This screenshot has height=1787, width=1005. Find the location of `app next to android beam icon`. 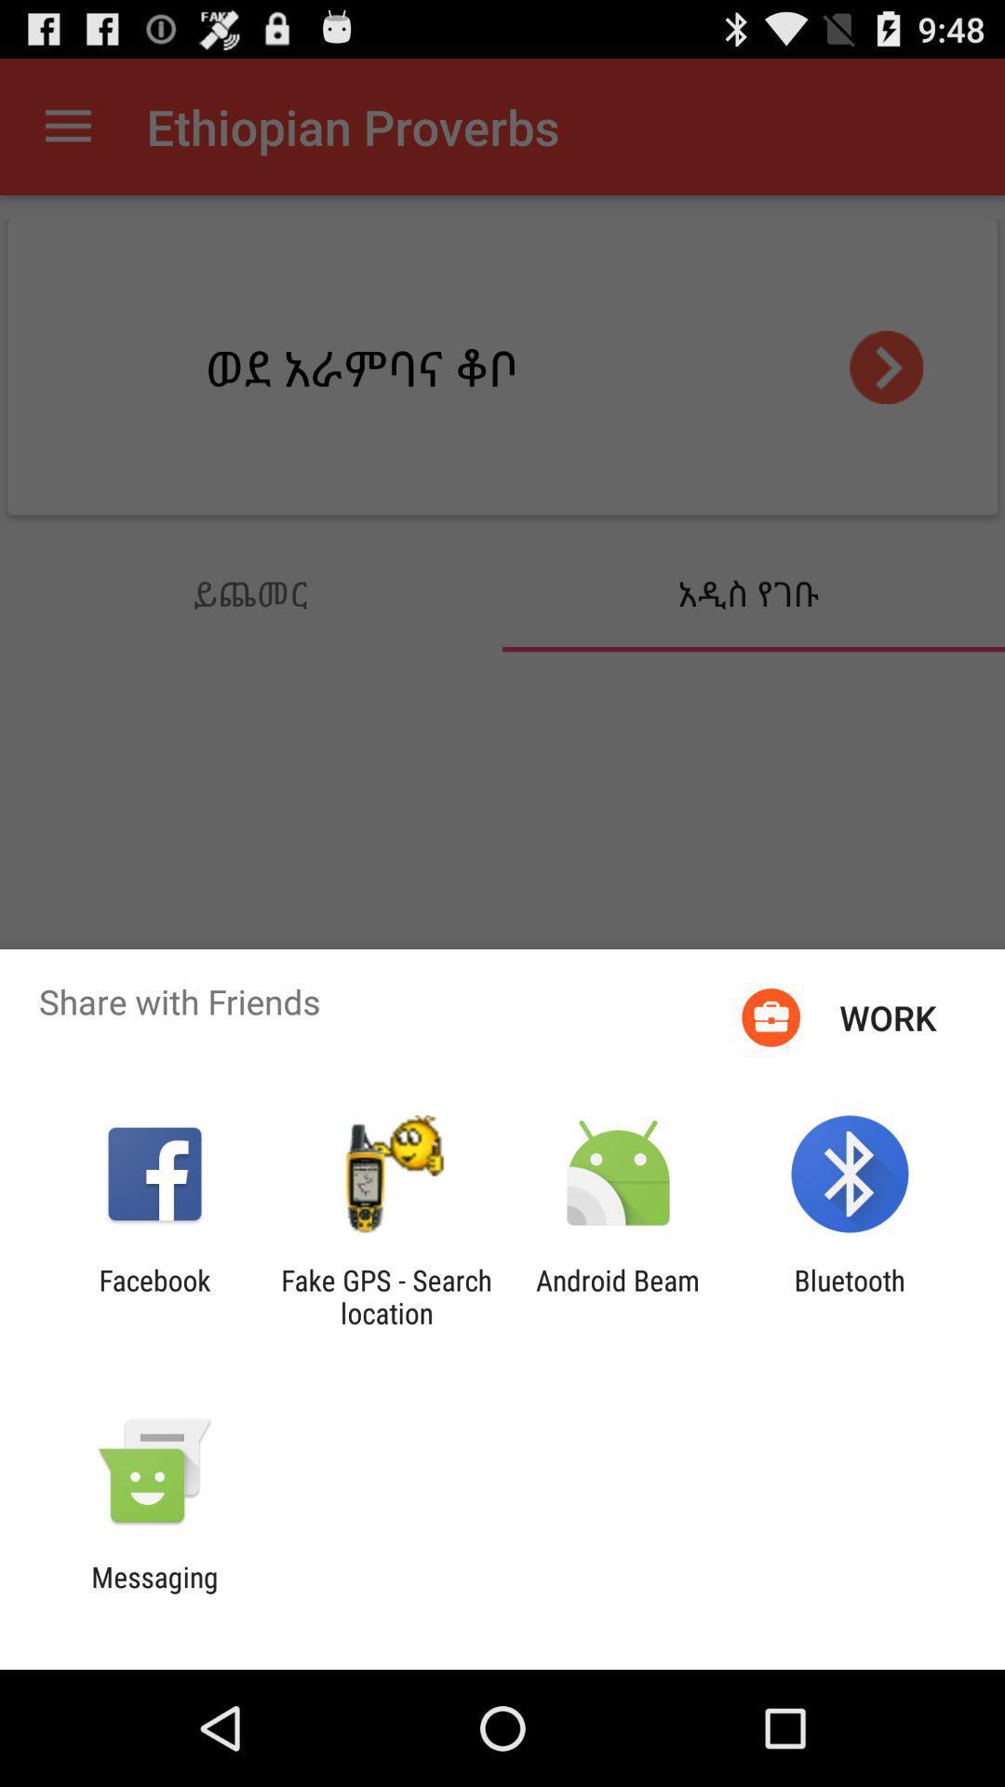

app next to android beam icon is located at coordinates (385, 1296).